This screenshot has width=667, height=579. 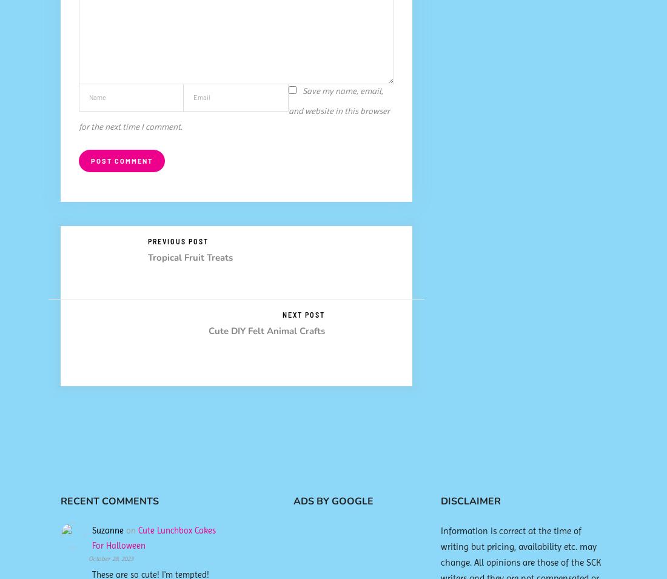 What do you see at coordinates (60, 500) in the screenshot?
I see `'RECENT COMMENTS'` at bounding box center [60, 500].